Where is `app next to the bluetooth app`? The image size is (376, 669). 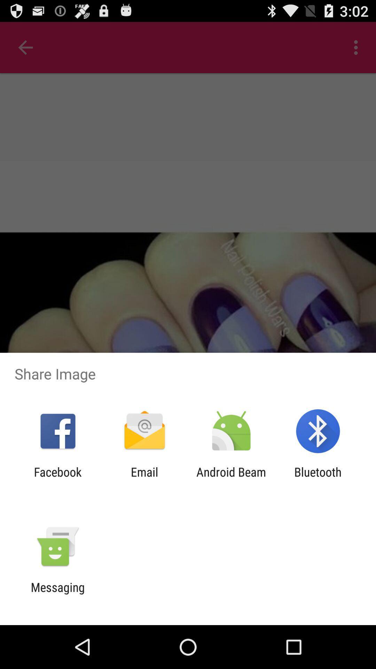 app next to the bluetooth app is located at coordinates (231, 479).